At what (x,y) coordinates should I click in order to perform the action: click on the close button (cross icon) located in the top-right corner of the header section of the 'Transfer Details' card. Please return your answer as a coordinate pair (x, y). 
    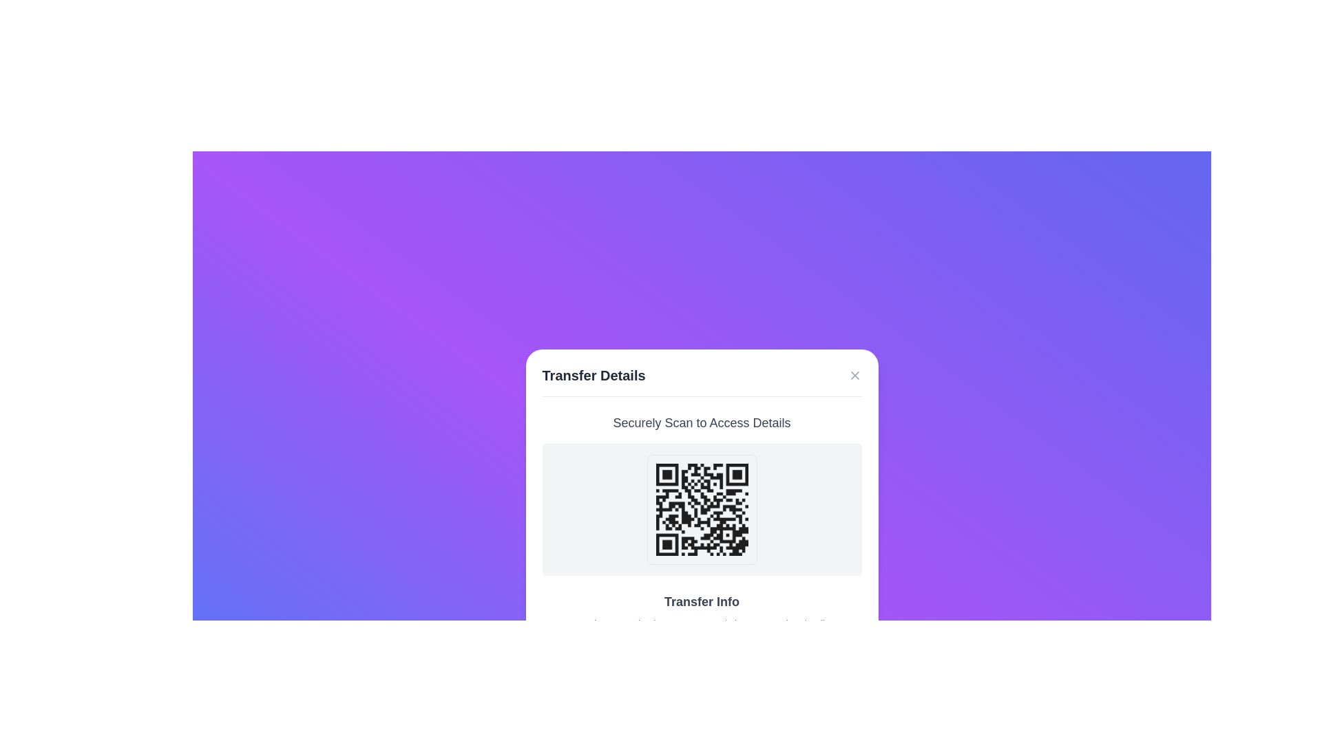
    Looking at the image, I should click on (854, 375).